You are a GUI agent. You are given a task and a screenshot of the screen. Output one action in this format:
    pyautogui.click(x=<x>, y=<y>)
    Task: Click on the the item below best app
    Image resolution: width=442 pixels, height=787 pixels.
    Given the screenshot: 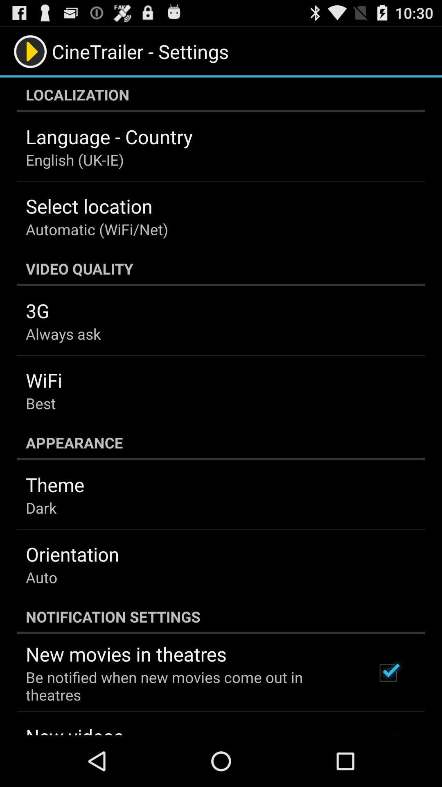 What is the action you would take?
    pyautogui.click(x=221, y=442)
    